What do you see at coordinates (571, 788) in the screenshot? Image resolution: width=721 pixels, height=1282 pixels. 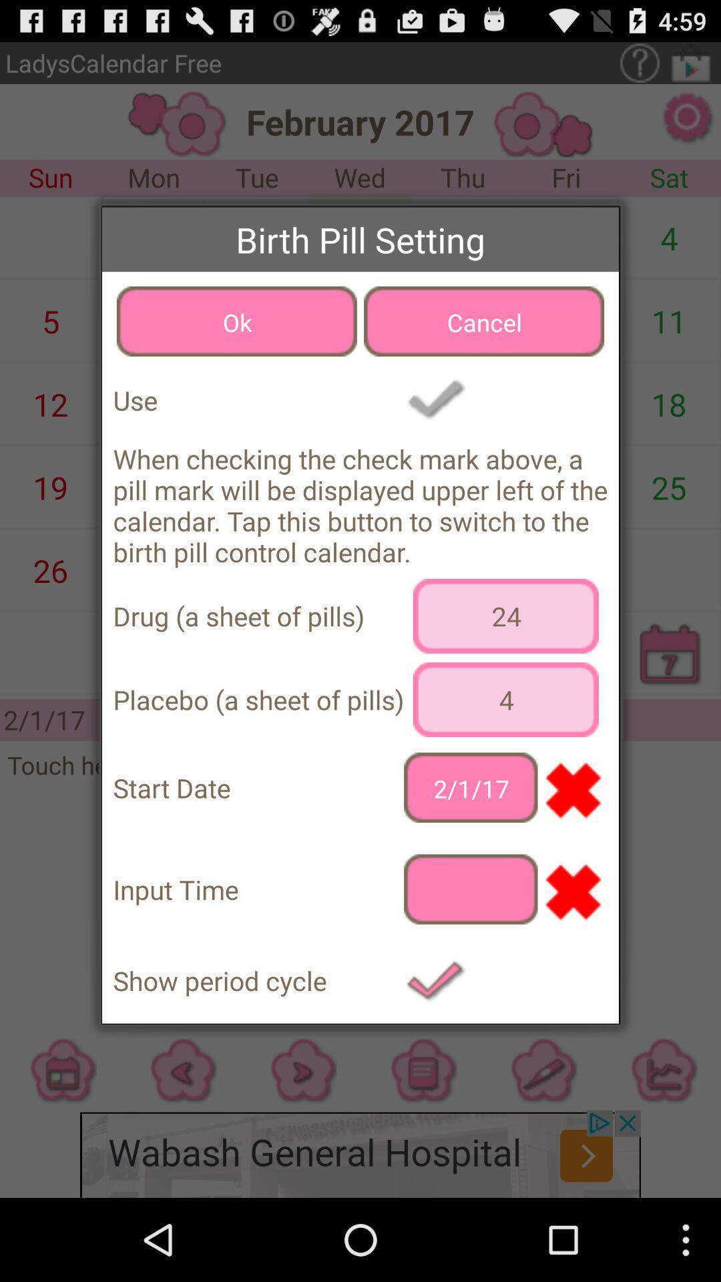 I see `icon next to 2/1/17 icon` at bounding box center [571, 788].